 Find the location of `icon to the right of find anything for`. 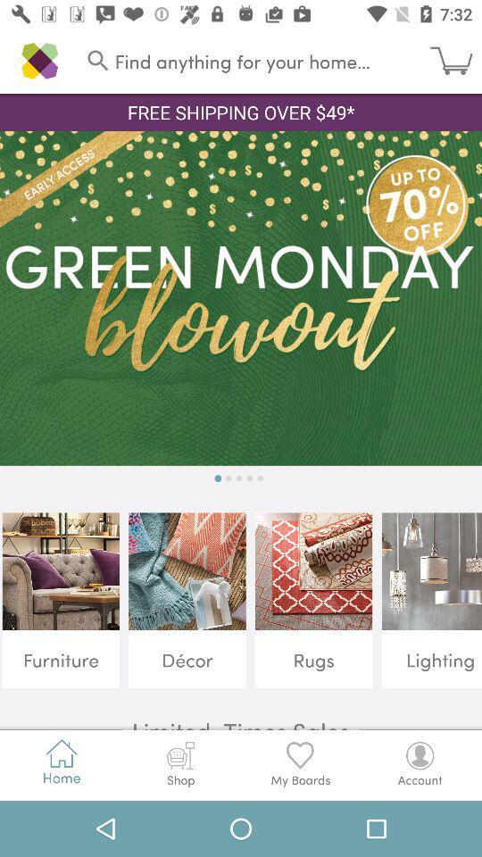

icon to the right of find anything for is located at coordinates (456, 61).